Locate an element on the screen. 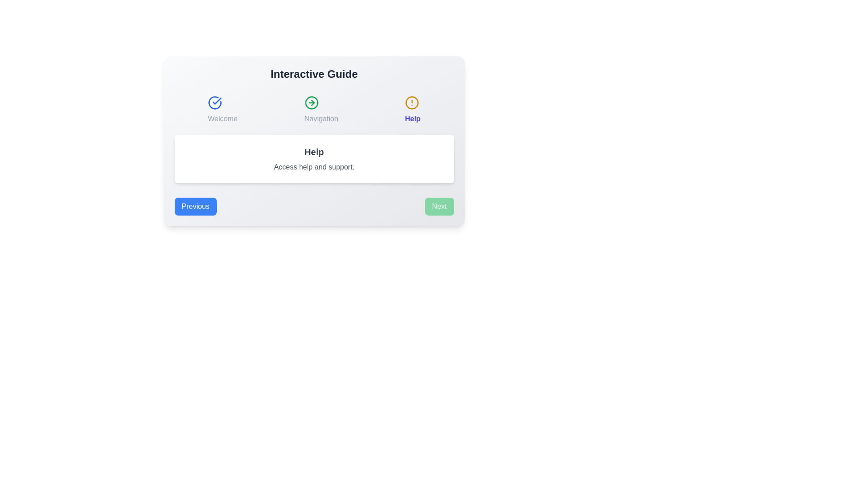 The image size is (860, 483). the green 'Next' button with white text located at the bottom-right of the card interface is located at coordinates (439, 207).